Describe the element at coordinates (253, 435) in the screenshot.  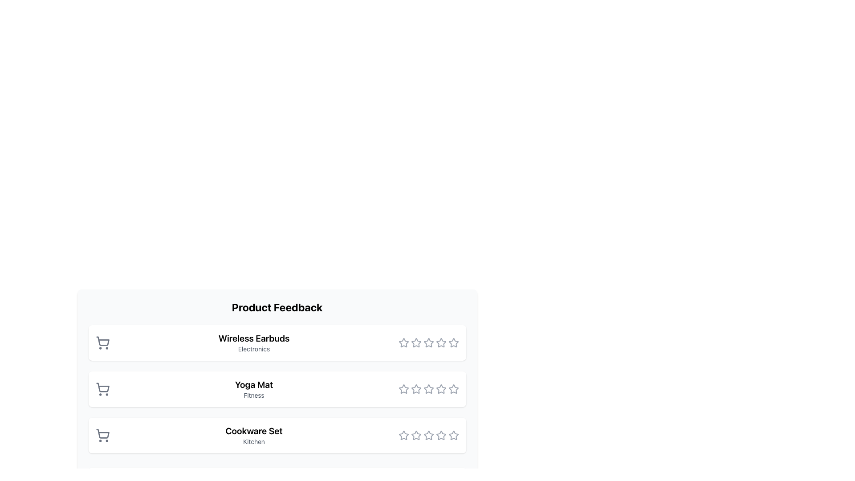
I see `the text label displaying 'Cookware Set' in bold and 'Kitchen' in smaller text, which is the third item in a vertically stacked list` at that location.